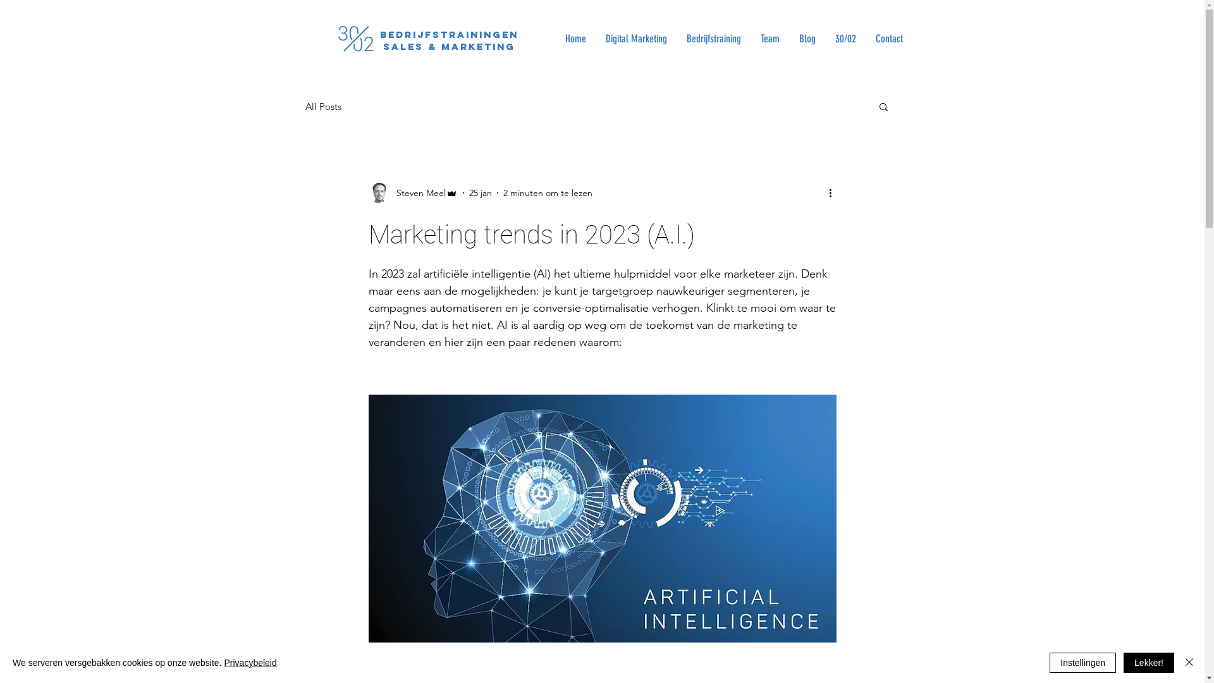  I want to click on 'Team', so click(768, 38).